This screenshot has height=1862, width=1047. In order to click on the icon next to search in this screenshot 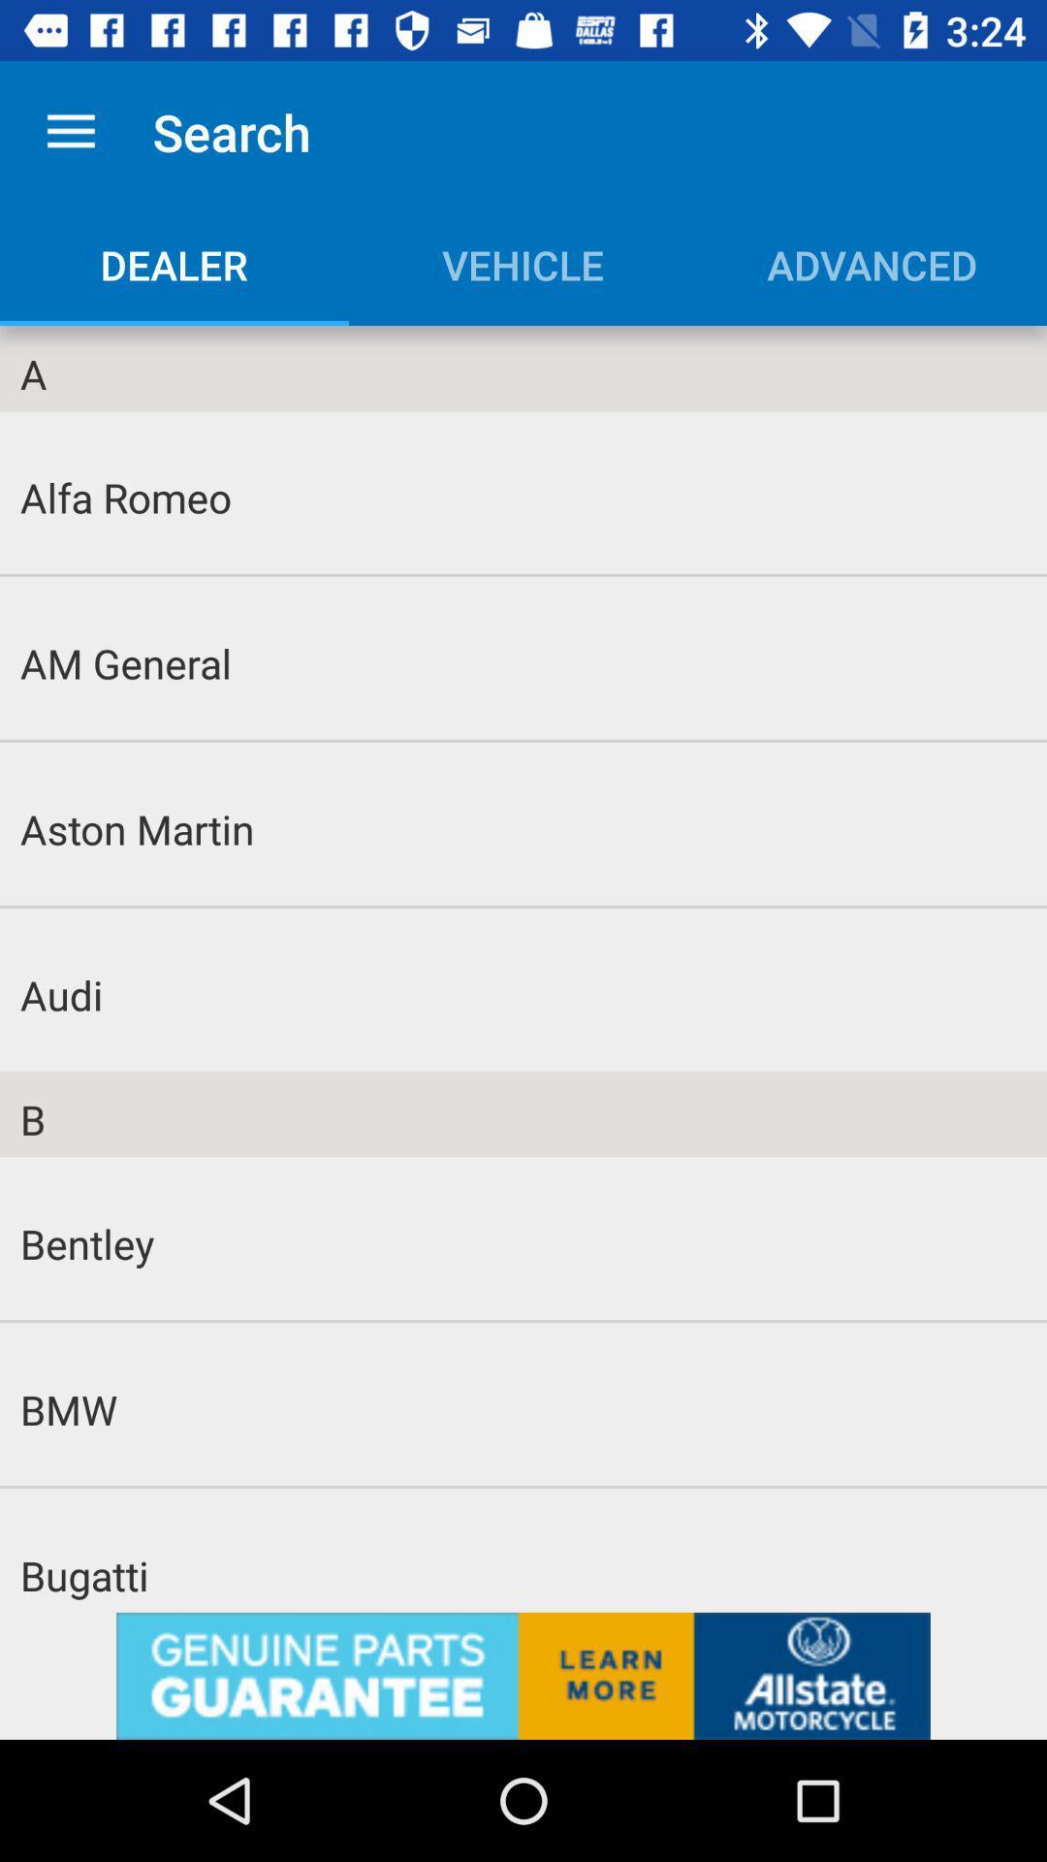, I will do `click(70, 131)`.